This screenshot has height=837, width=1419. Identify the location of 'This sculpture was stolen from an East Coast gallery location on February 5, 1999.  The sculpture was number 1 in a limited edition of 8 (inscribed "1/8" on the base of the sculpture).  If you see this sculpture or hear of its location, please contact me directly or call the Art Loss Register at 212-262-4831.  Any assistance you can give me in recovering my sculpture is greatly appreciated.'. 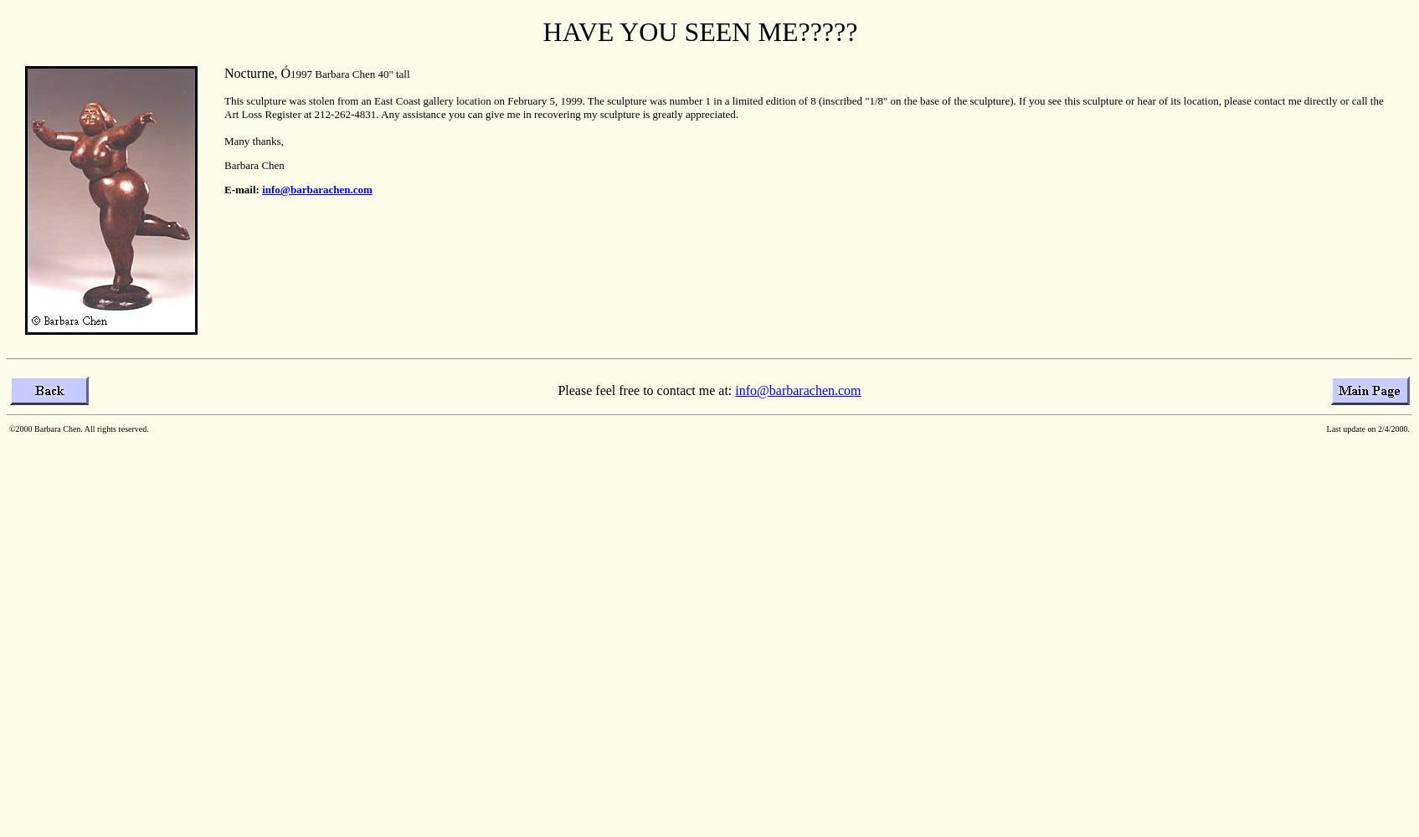
(804, 107).